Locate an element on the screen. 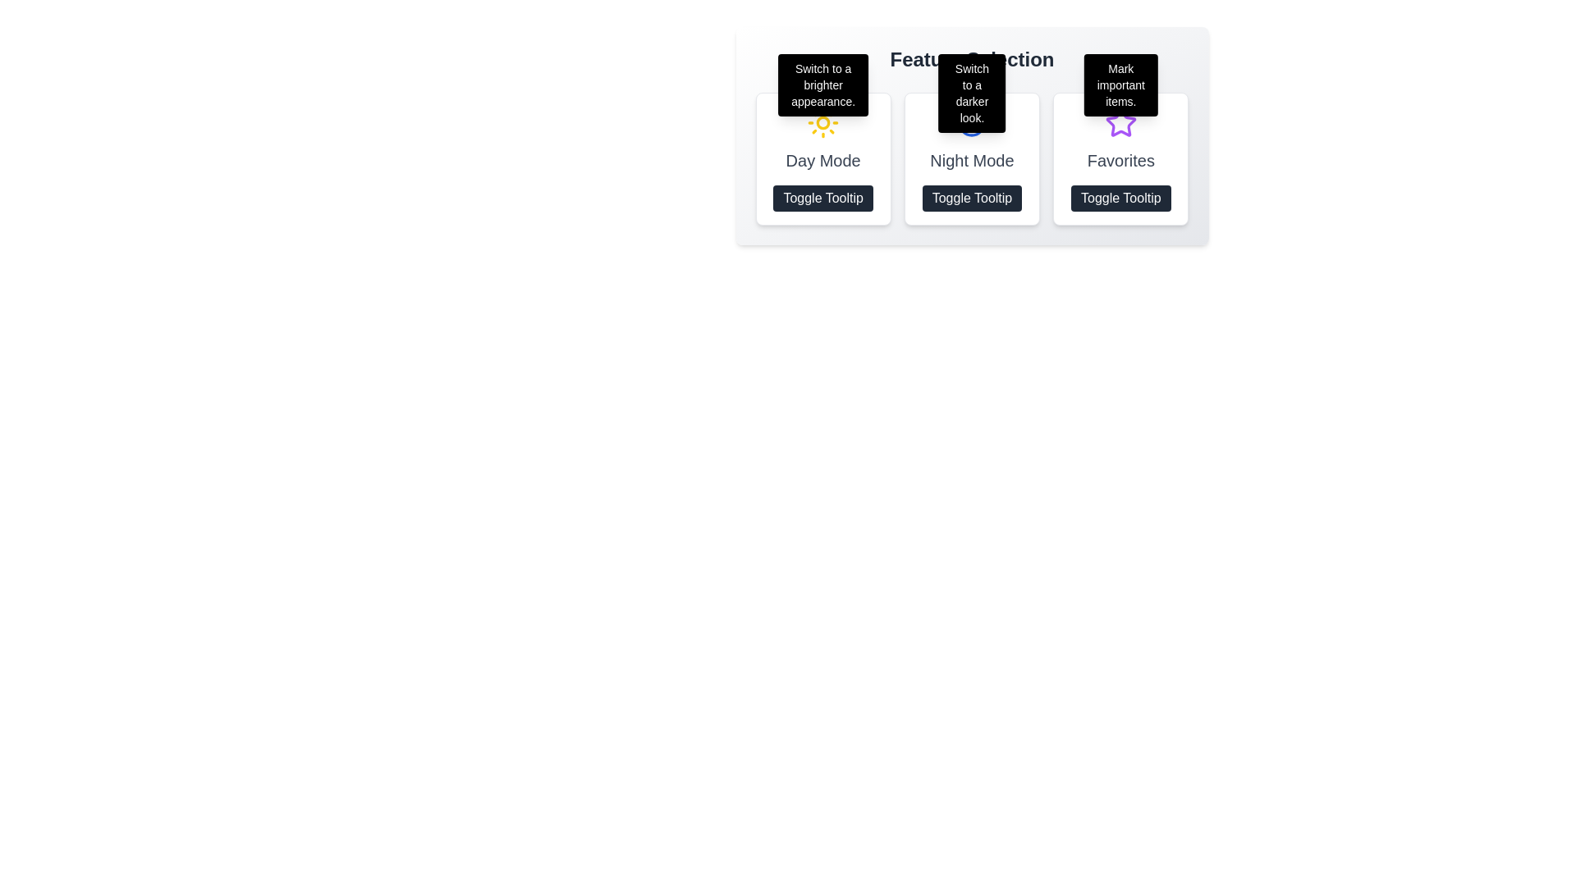 The image size is (1576, 886). the star icon with a purple outline located at the top center of the 'Favorites' card is located at coordinates (1120, 122).